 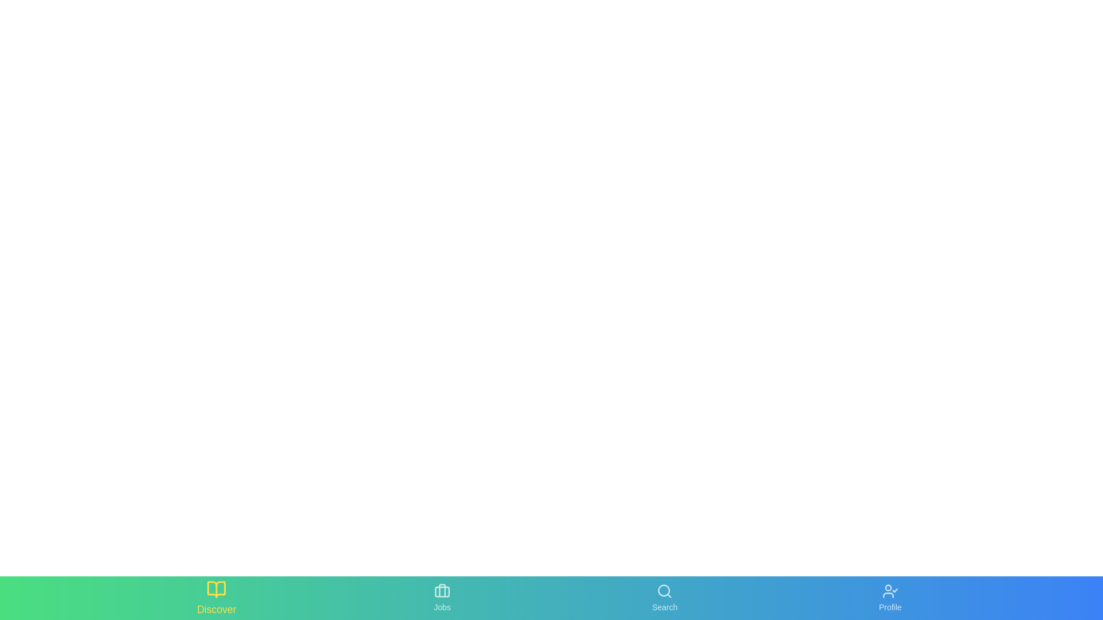 I want to click on the 'Profile' button to activate the 'Profile' section, so click(x=889, y=597).